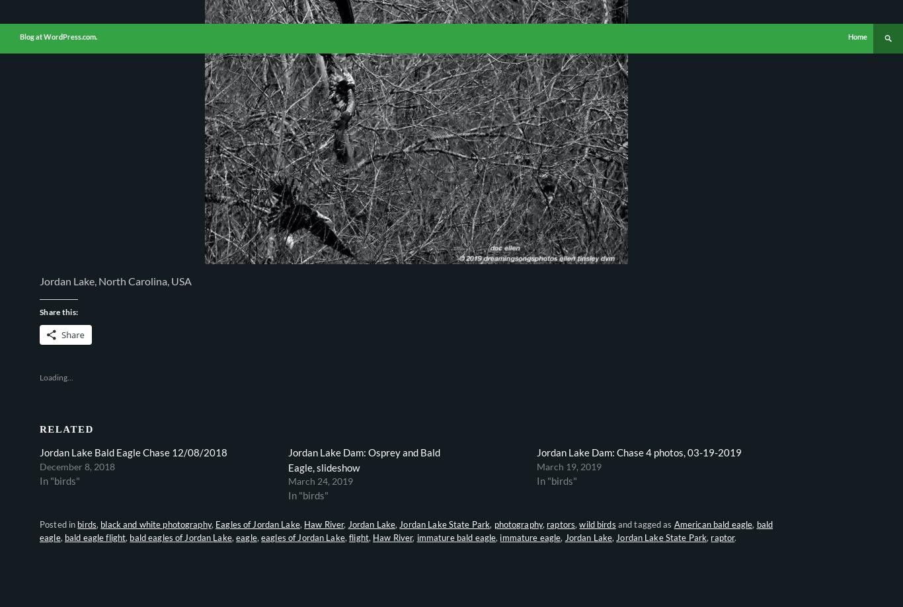 The image size is (903, 607). Describe the element at coordinates (155, 524) in the screenshot. I see `'black and white photography'` at that location.